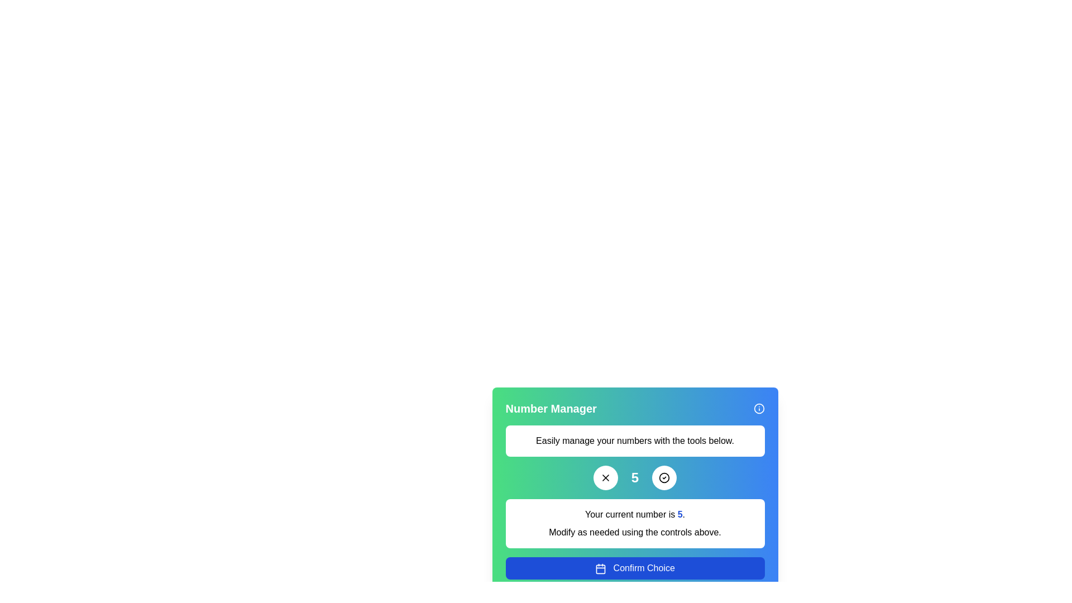  Describe the element at coordinates (679, 514) in the screenshot. I see `the static text element displaying 'Your current number is 5.'` at that location.